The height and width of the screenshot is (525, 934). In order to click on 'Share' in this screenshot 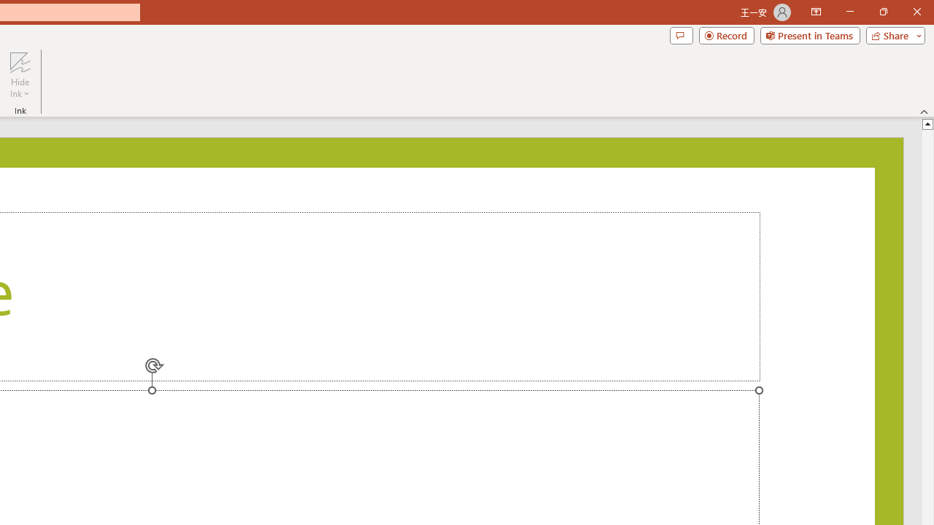, I will do `click(892, 34)`.